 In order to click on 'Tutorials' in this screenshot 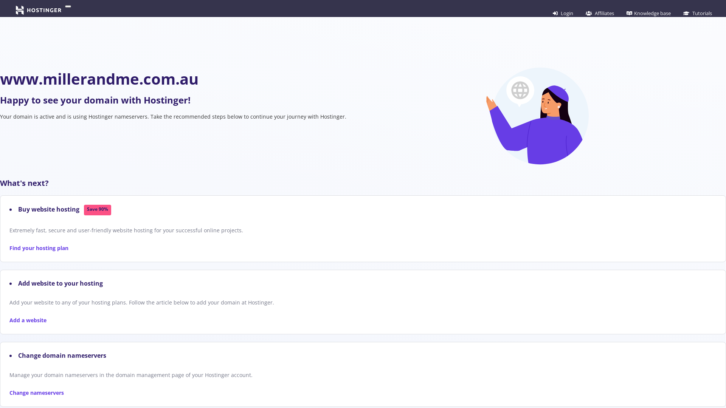, I will do `click(697, 13)`.